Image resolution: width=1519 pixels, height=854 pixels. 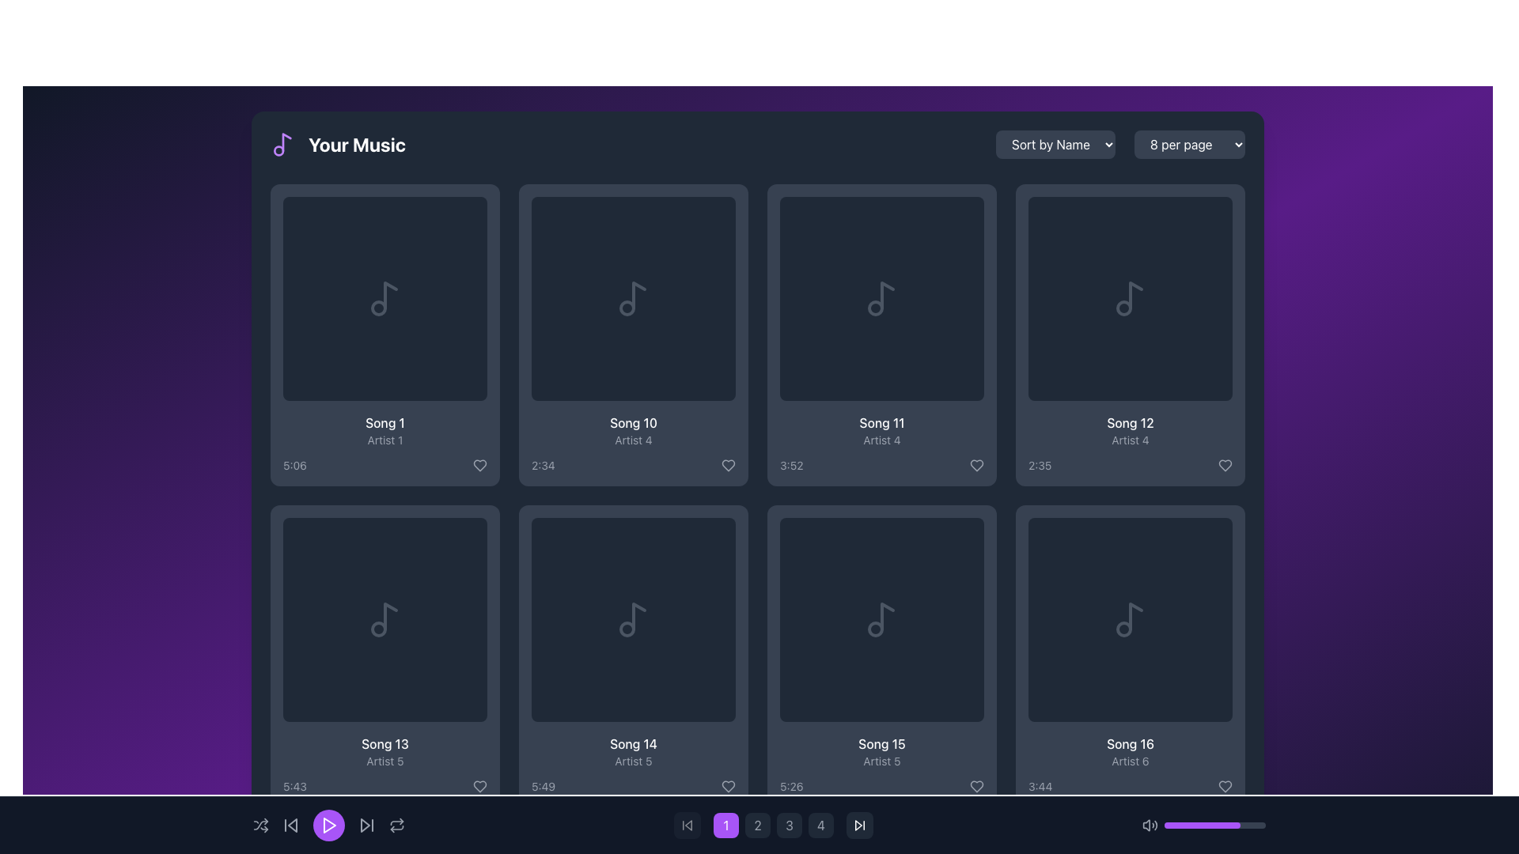 What do you see at coordinates (634, 761) in the screenshot?
I see `the text label displaying the name of the artist for 'Song 14', located in the lower portion of the card layout, directly below the song title and above the duration '5:49'` at bounding box center [634, 761].